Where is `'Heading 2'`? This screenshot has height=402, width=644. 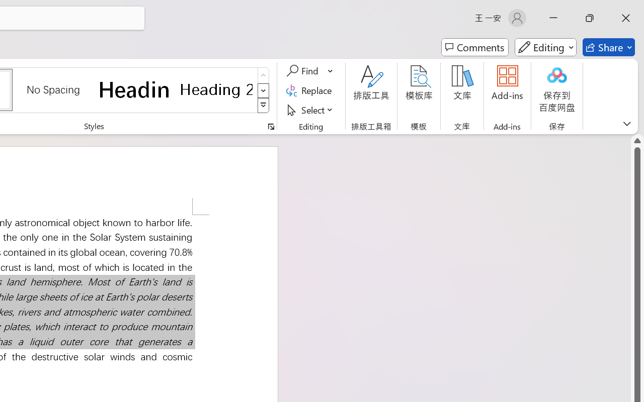
'Heading 2' is located at coordinates (216, 89).